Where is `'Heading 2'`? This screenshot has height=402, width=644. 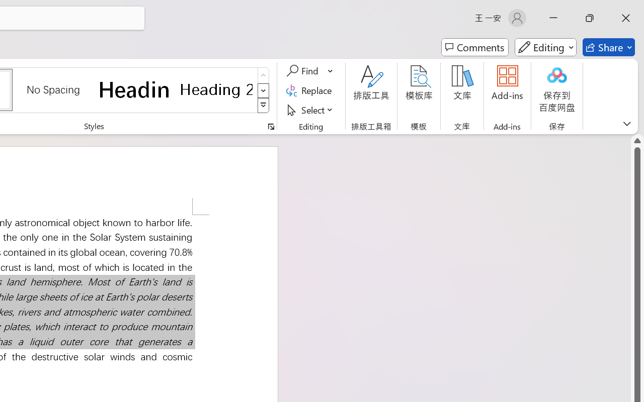
'Heading 2' is located at coordinates (216, 89).